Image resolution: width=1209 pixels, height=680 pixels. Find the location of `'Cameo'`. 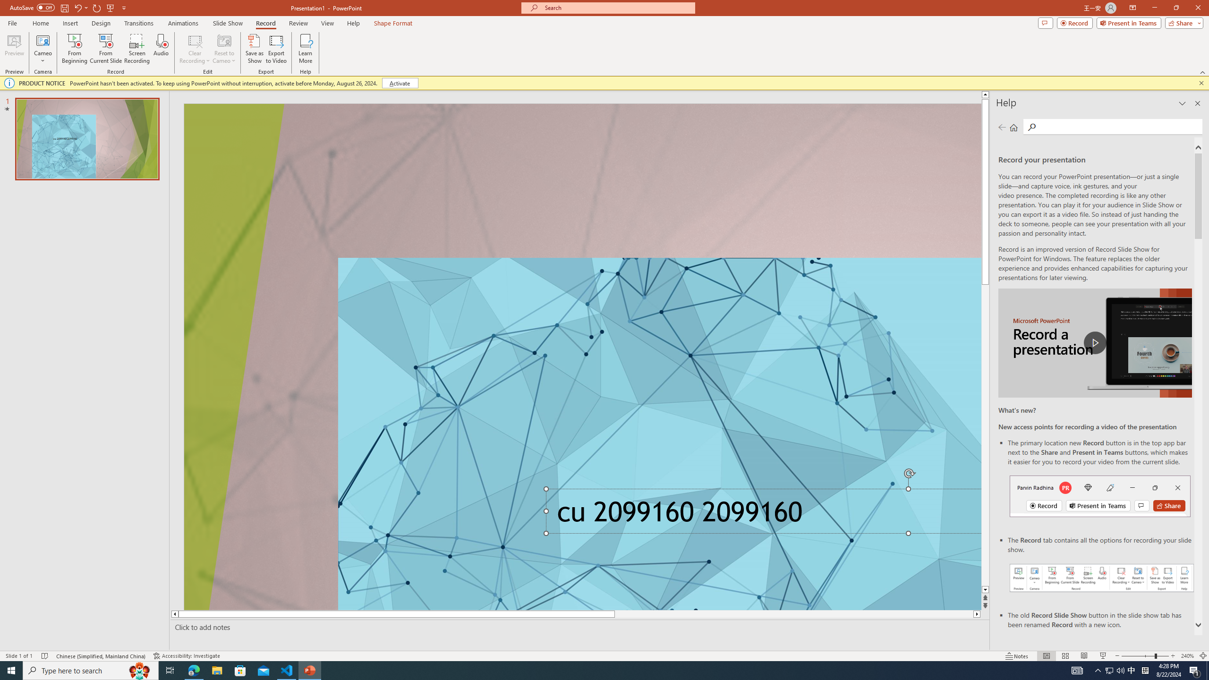

'Cameo' is located at coordinates (42, 40).